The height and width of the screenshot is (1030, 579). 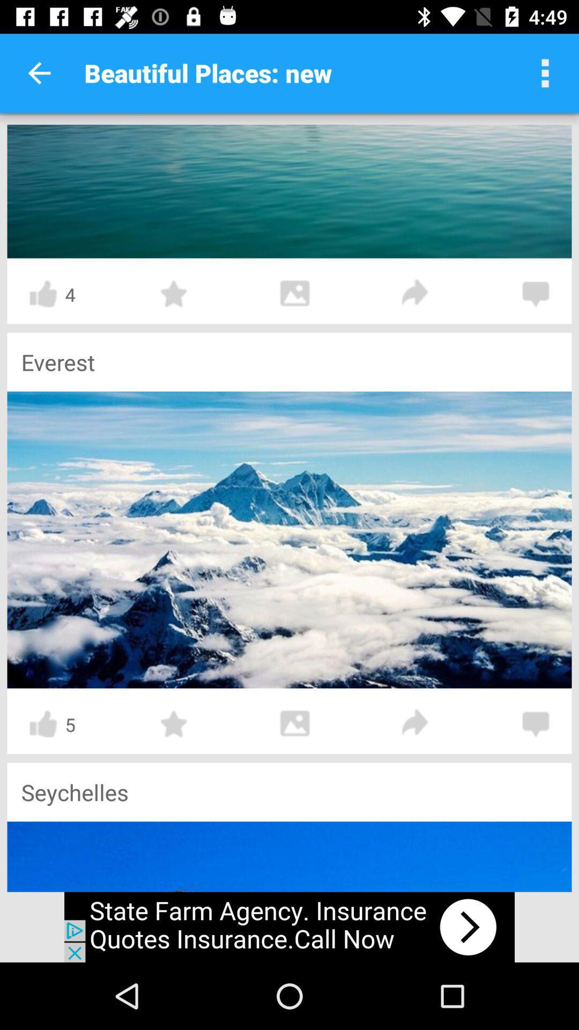 I want to click on publication, so click(x=289, y=540).